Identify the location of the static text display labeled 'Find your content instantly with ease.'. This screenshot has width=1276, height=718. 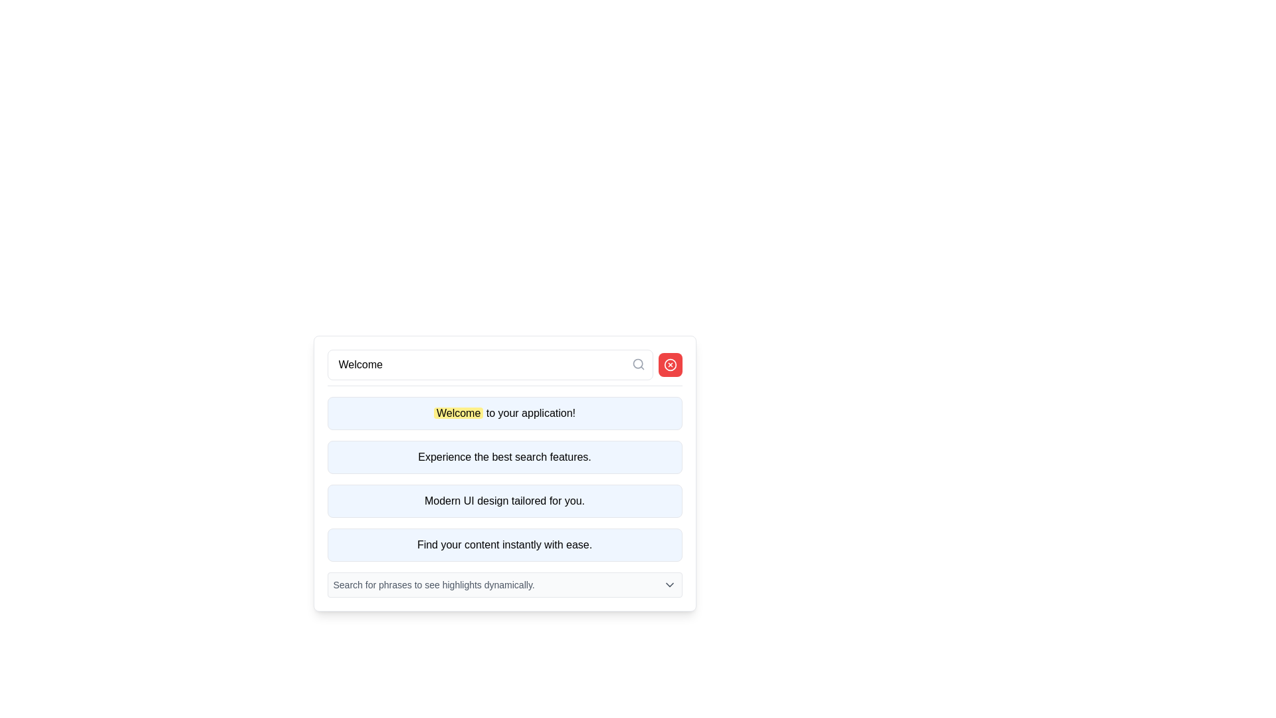
(504, 545).